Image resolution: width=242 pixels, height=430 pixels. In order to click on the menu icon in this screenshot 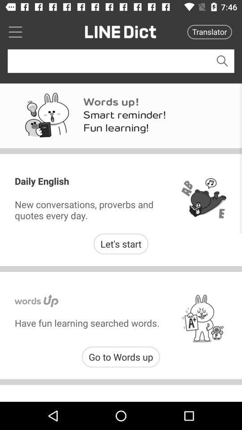, I will do `click(15, 31)`.